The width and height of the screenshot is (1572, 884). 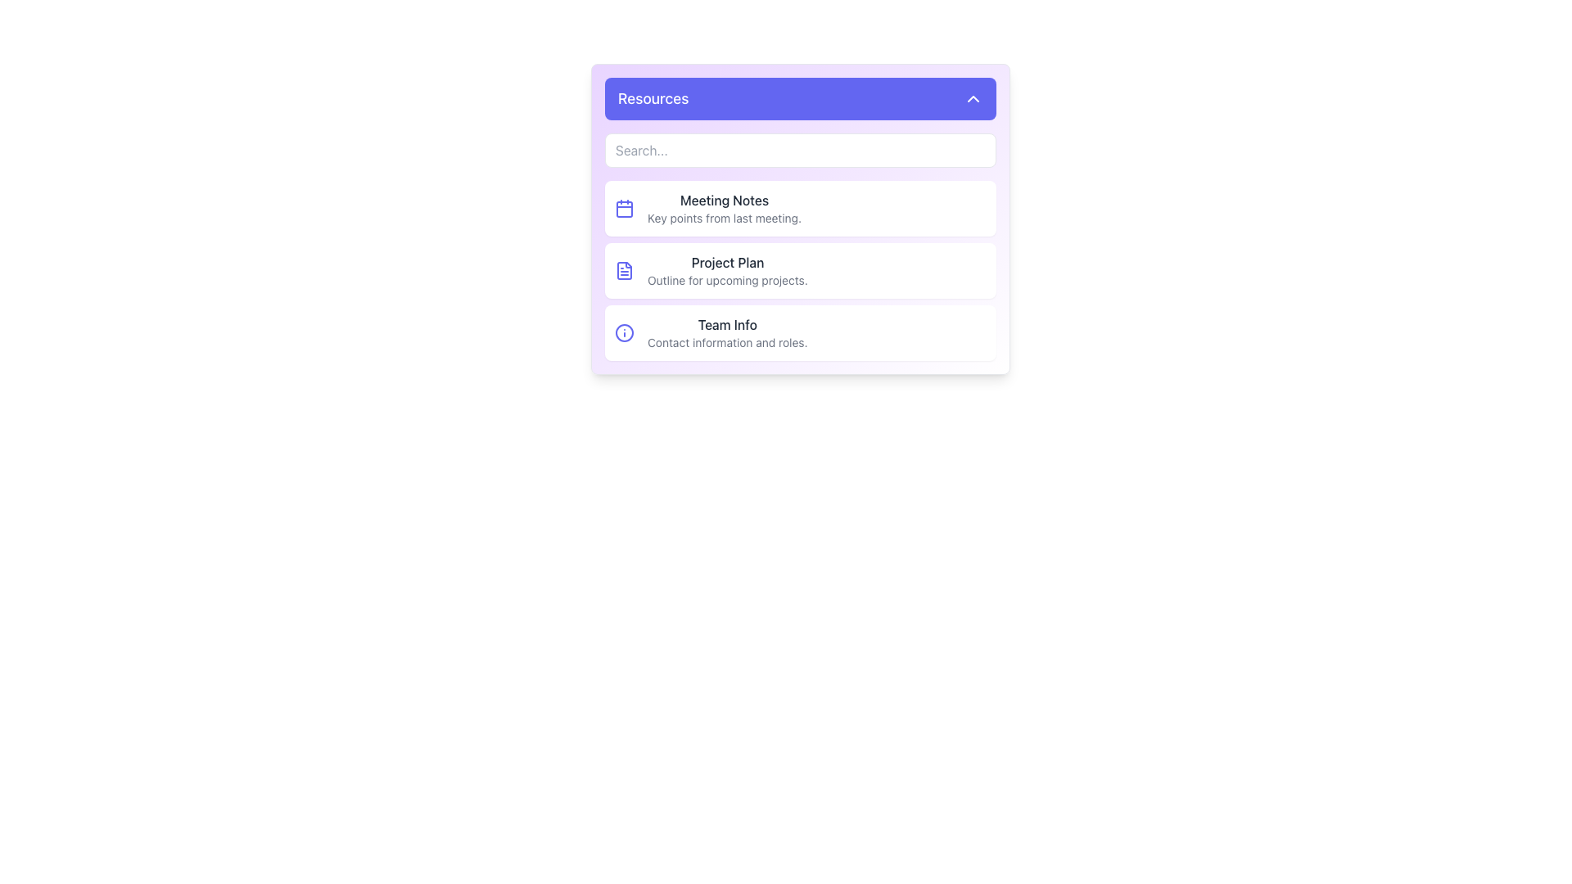 What do you see at coordinates (801, 98) in the screenshot?
I see `the prominent indigo rectangular button labeled 'Resources' to observe any visual effects` at bounding box center [801, 98].